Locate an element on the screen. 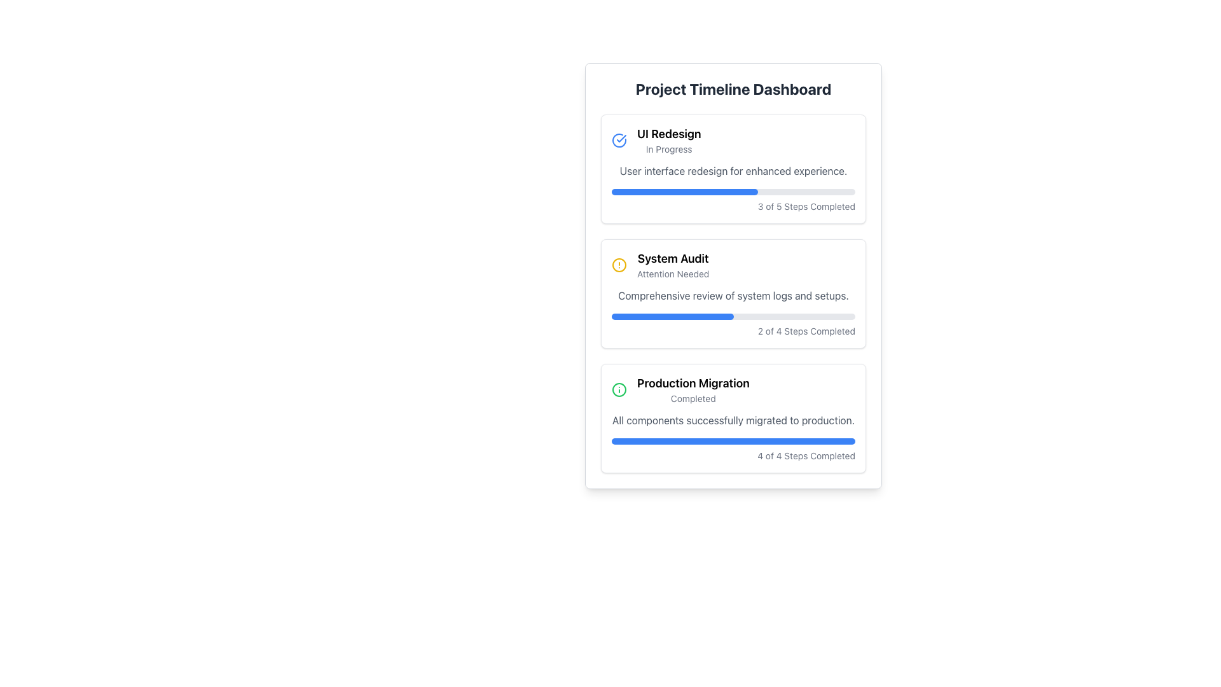 The image size is (1221, 687). the text display element that shows the status of the project task 'Production Migration' marked as 'Completed' in the Project Timeline Dashboard is located at coordinates (693, 389).